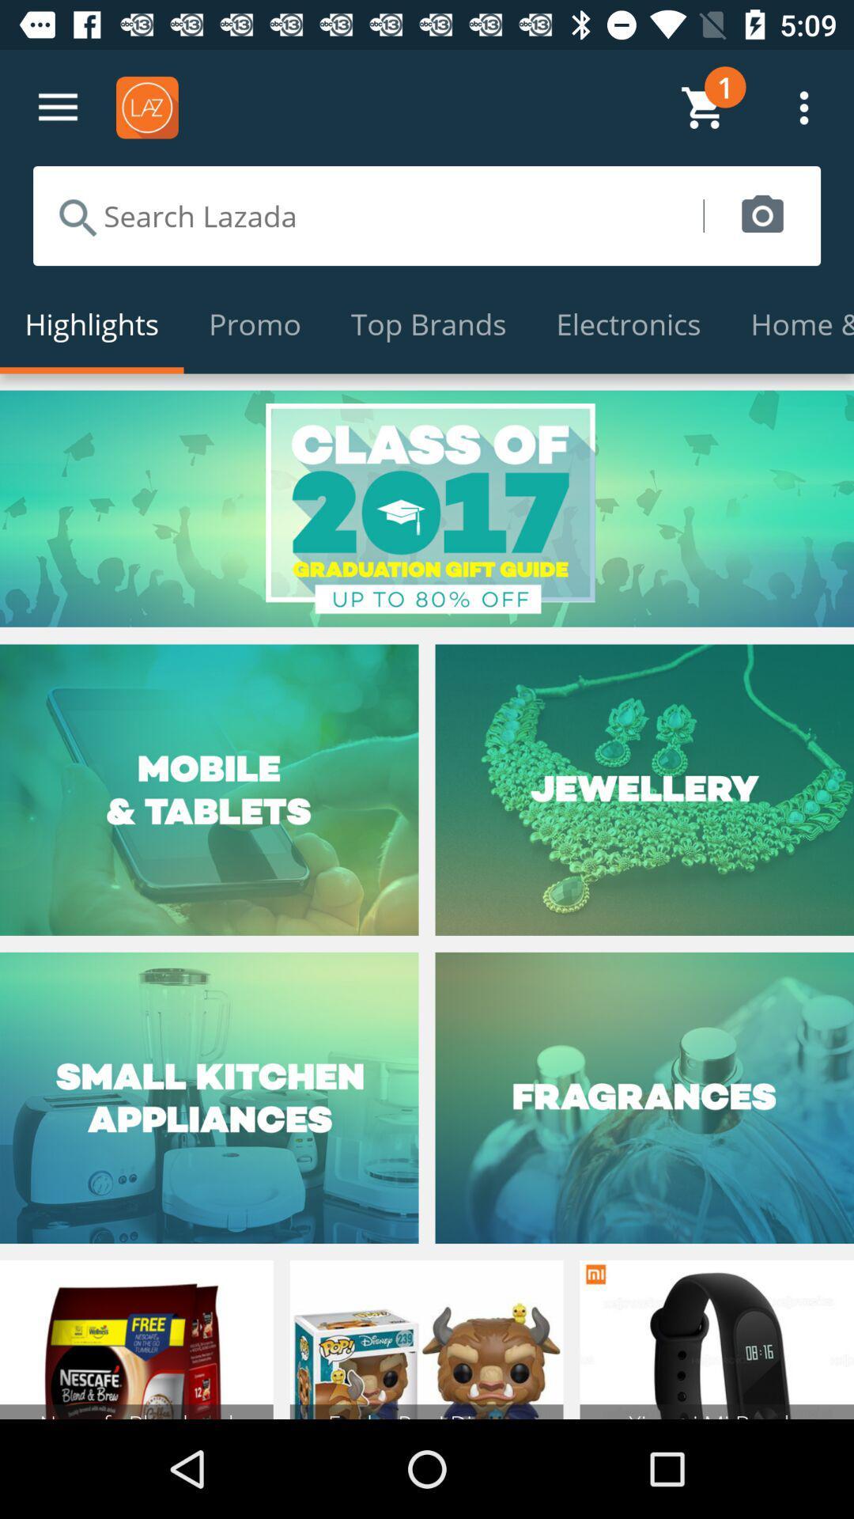 This screenshot has height=1519, width=854. I want to click on search the site, so click(368, 215).